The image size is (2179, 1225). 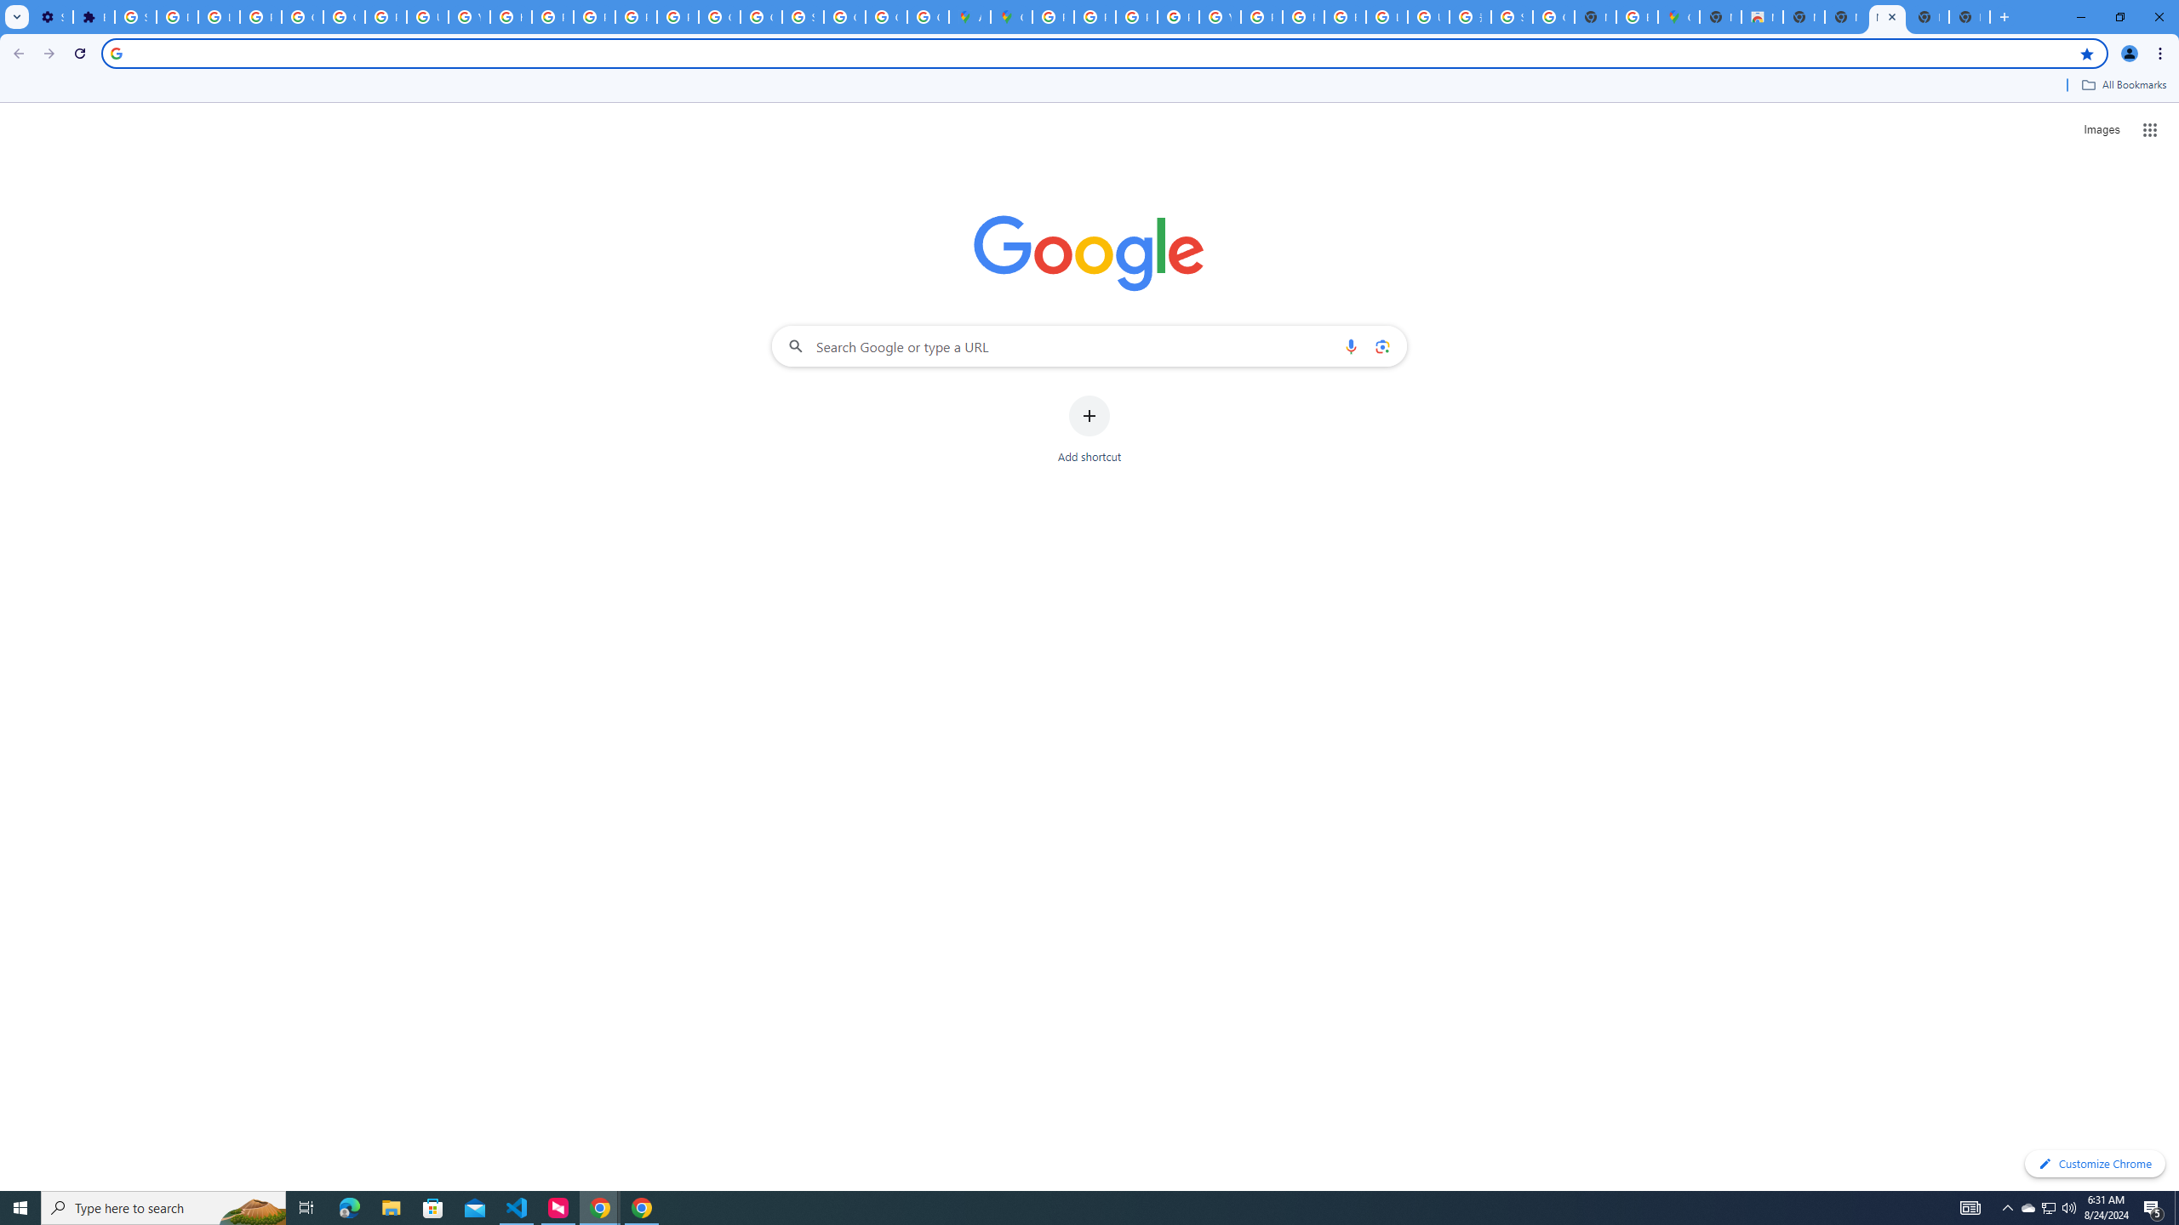 I want to click on 'Google Maps', so click(x=1009, y=16).